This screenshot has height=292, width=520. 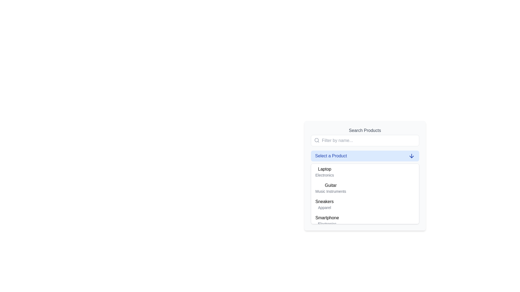 What do you see at coordinates (317, 140) in the screenshot?
I see `the search icon represented by a magnifying glass symbol, which is styled with a gray color and rounded border, located to the left of the text input field labeled 'Filter by name...'` at bounding box center [317, 140].